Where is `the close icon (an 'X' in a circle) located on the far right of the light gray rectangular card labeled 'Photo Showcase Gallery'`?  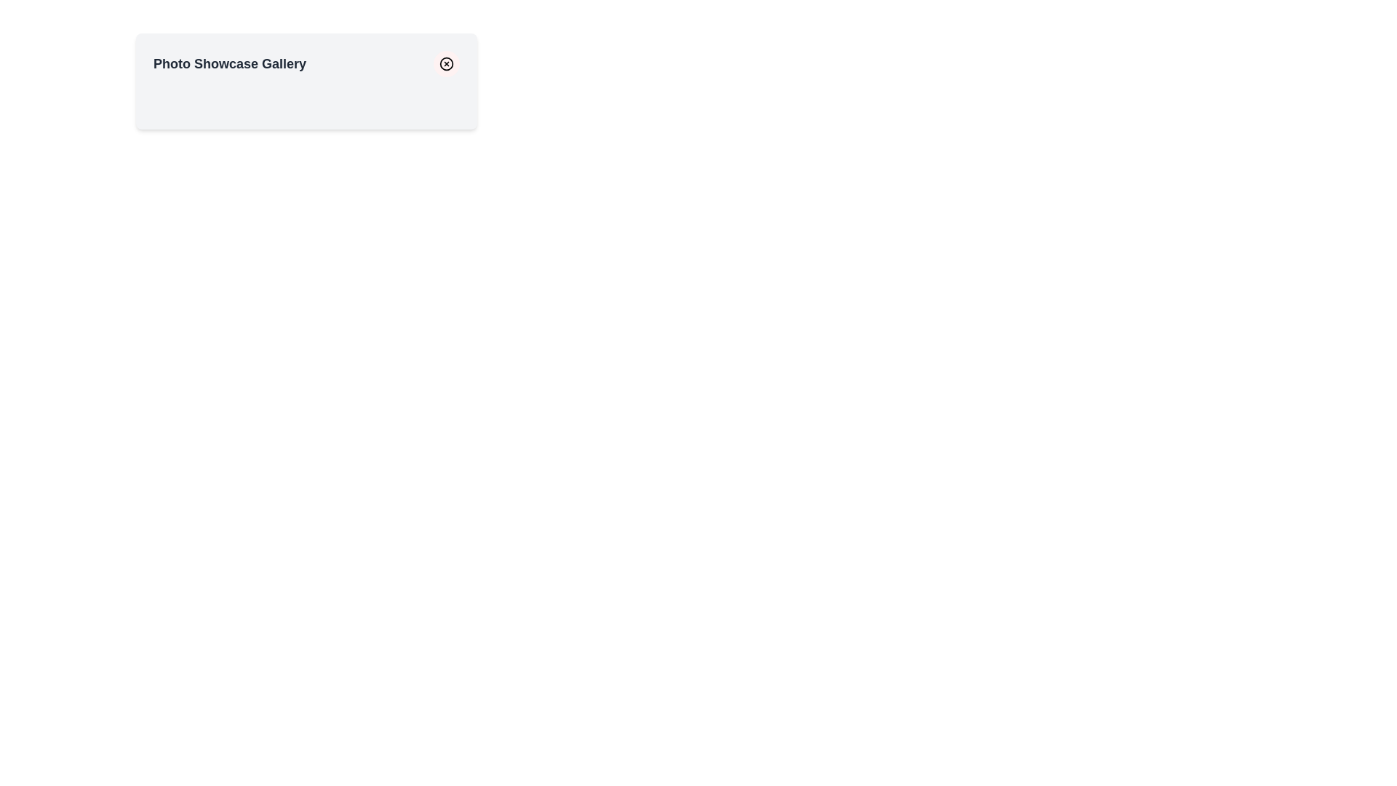 the close icon (an 'X' in a circle) located on the far right of the light gray rectangular card labeled 'Photo Showcase Gallery' is located at coordinates (446, 63).